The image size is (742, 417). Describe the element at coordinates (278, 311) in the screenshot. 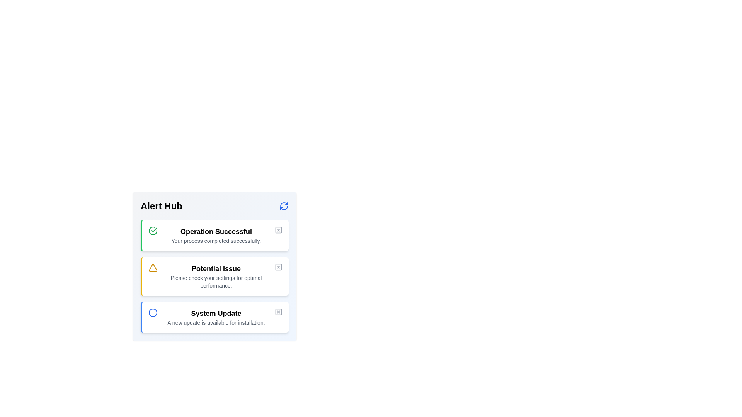

I see `the dismiss button located in the bottom-right corner of the 'System Update' notification card` at that location.